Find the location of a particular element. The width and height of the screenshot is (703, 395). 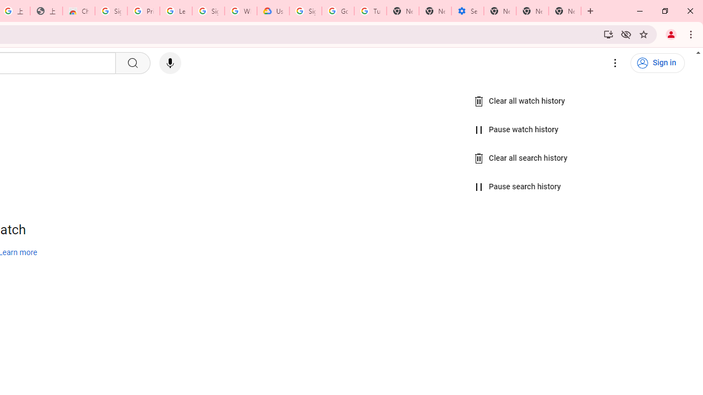

'Who are Google' is located at coordinates (240, 11).